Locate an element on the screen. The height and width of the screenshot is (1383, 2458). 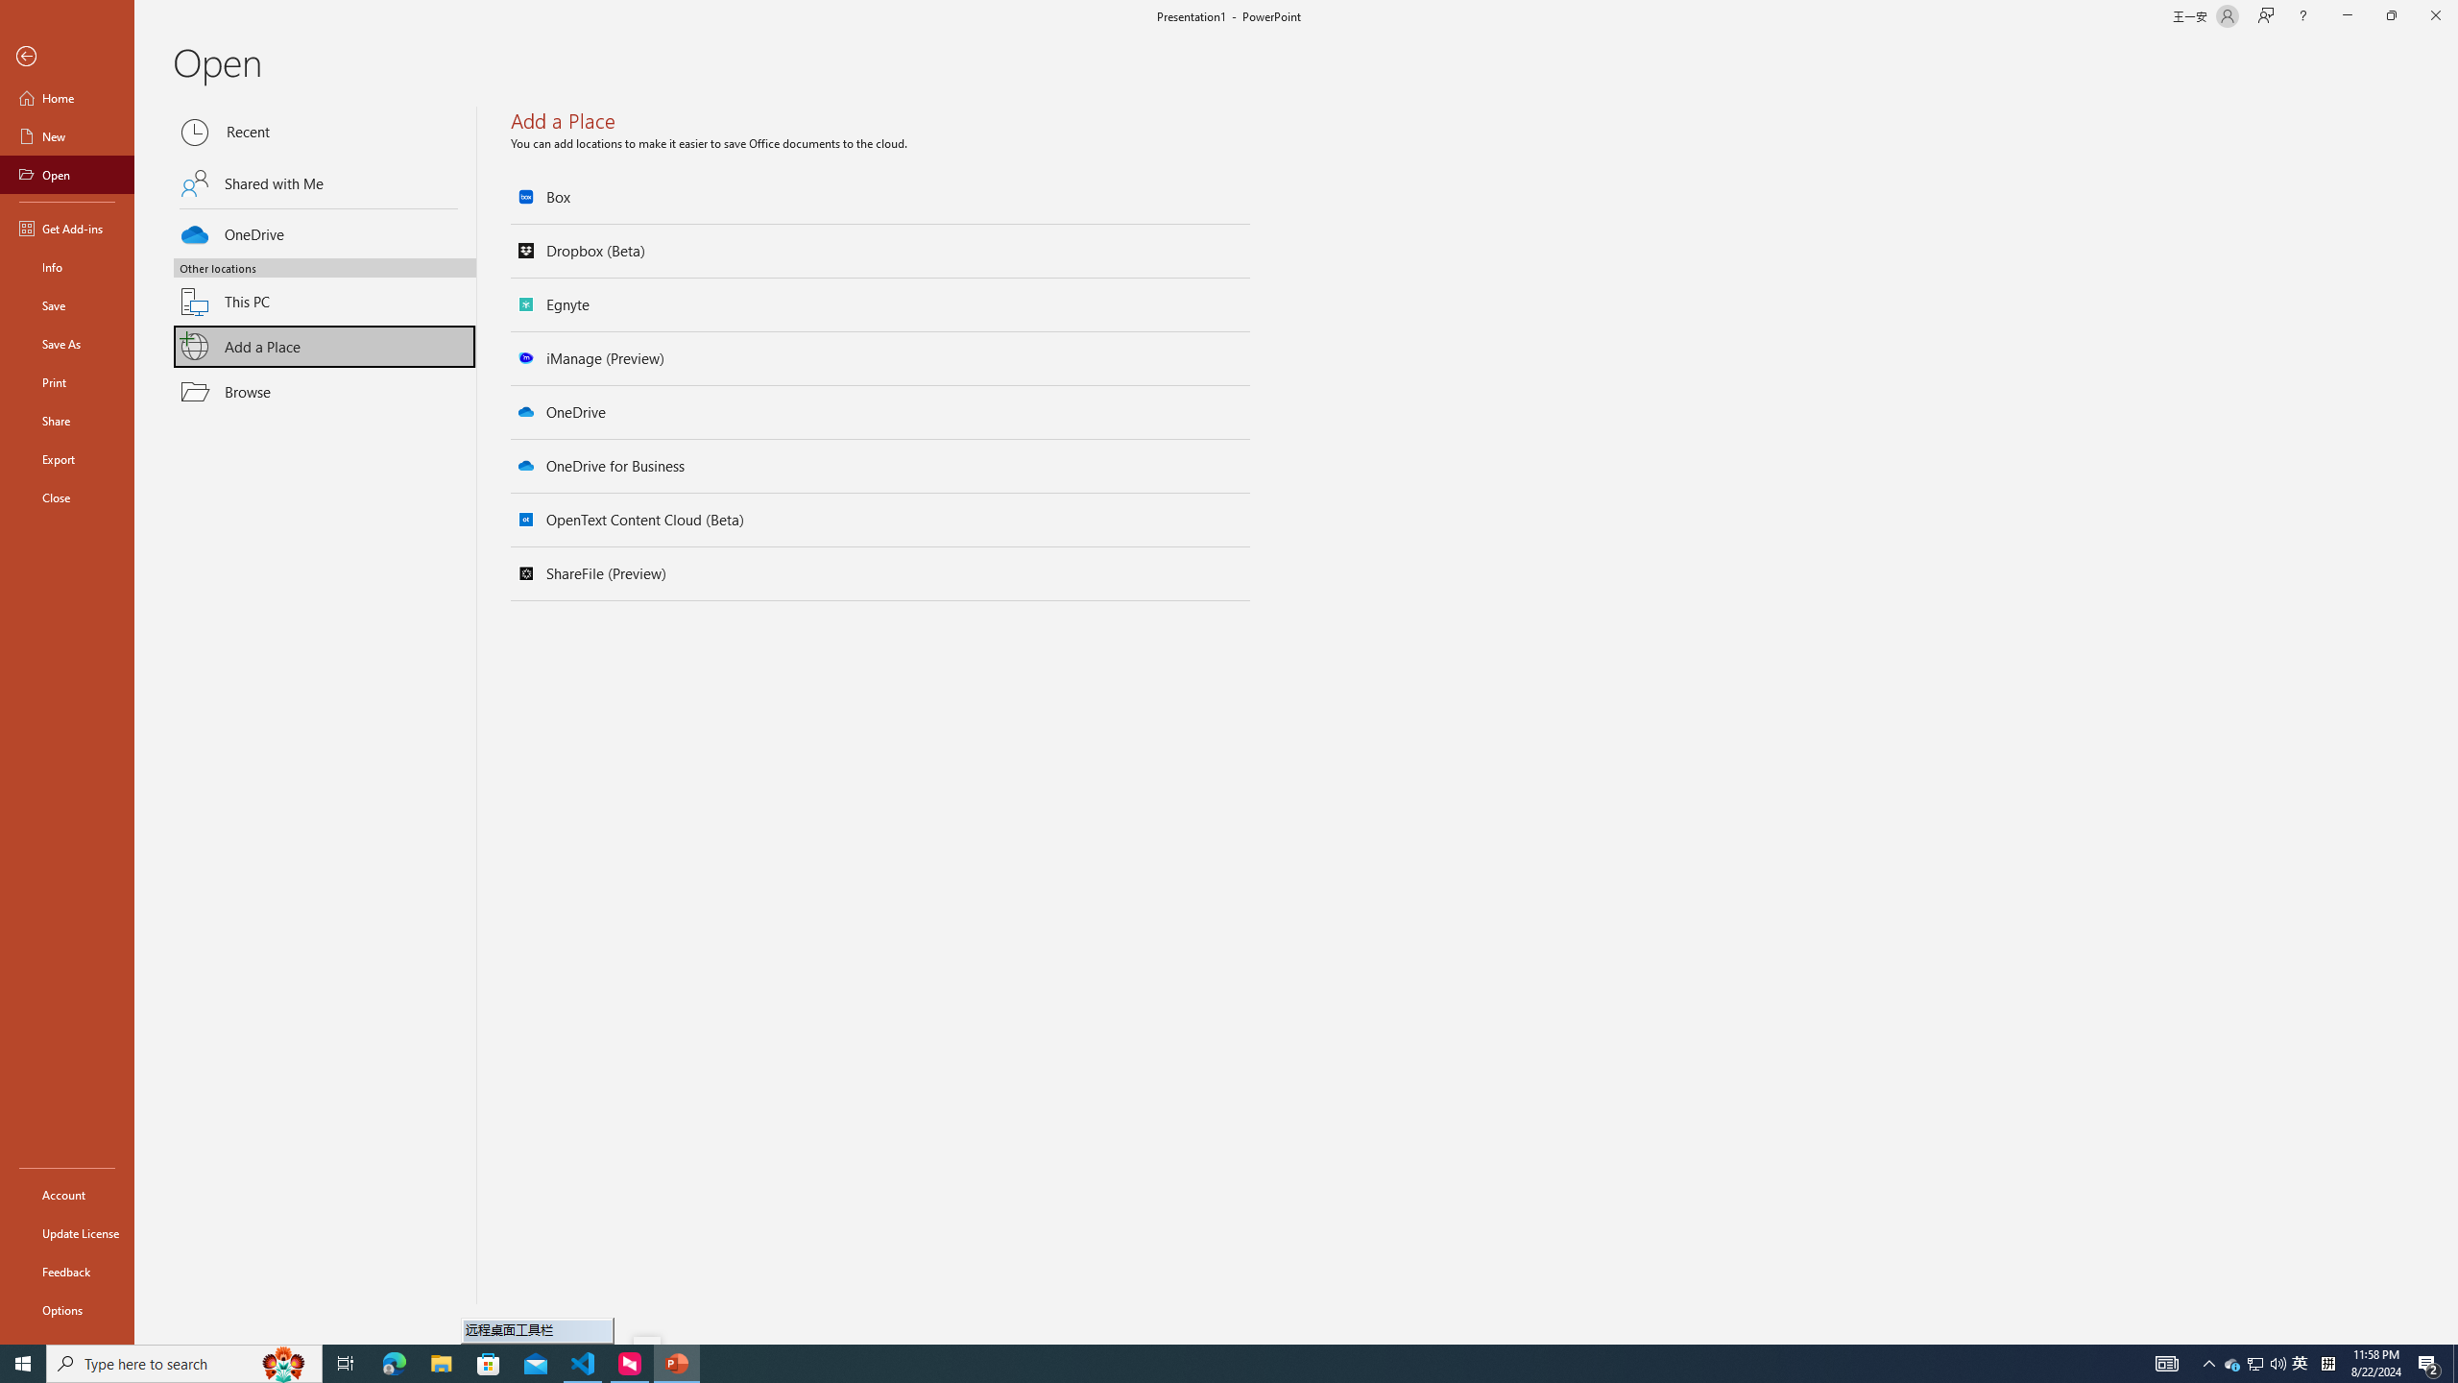
'Add a Place' is located at coordinates (325, 346).